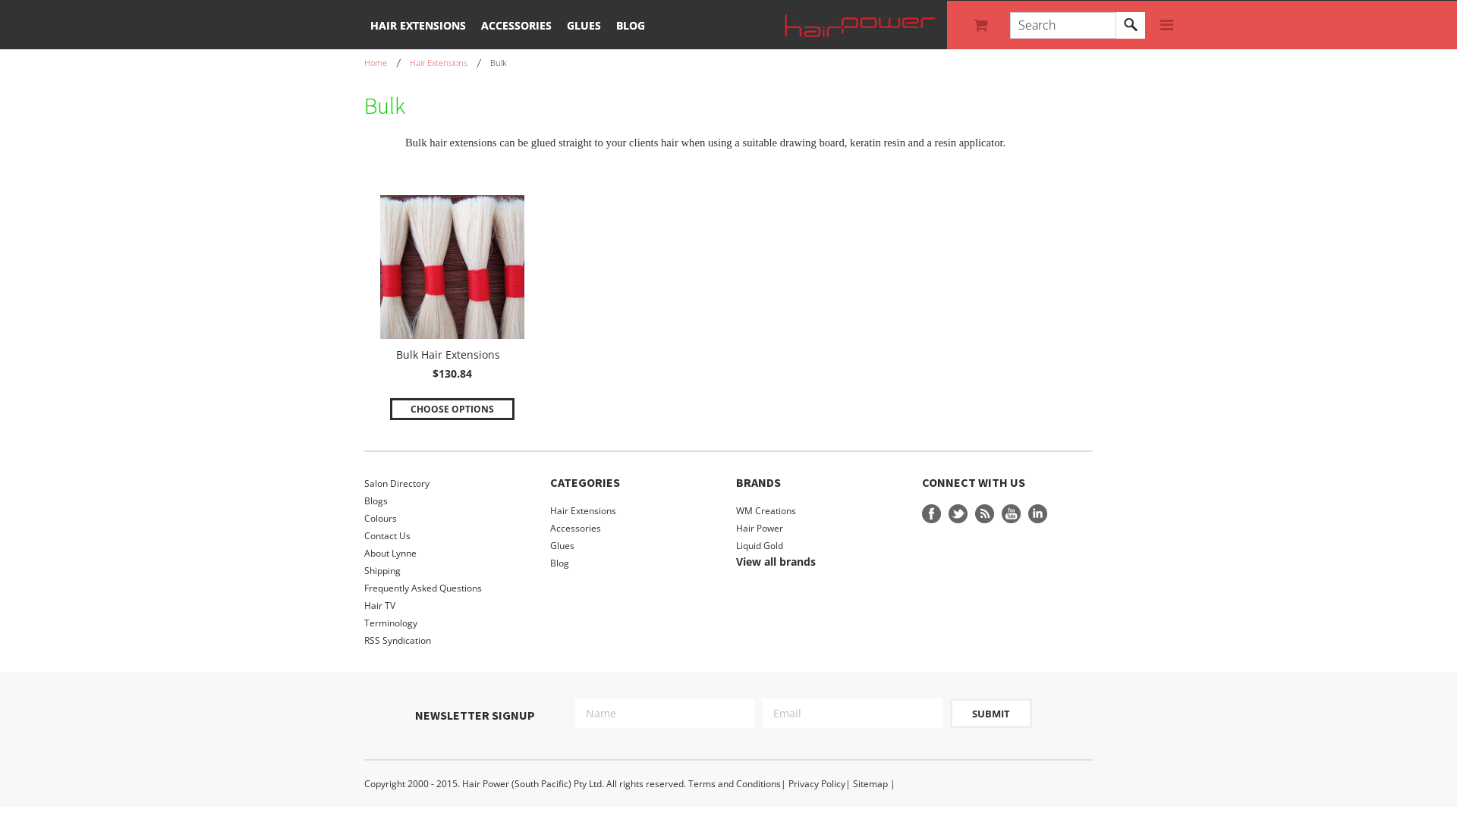 Image resolution: width=1457 pixels, height=819 pixels. I want to click on 'Privacy Policy', so click(816, 783).